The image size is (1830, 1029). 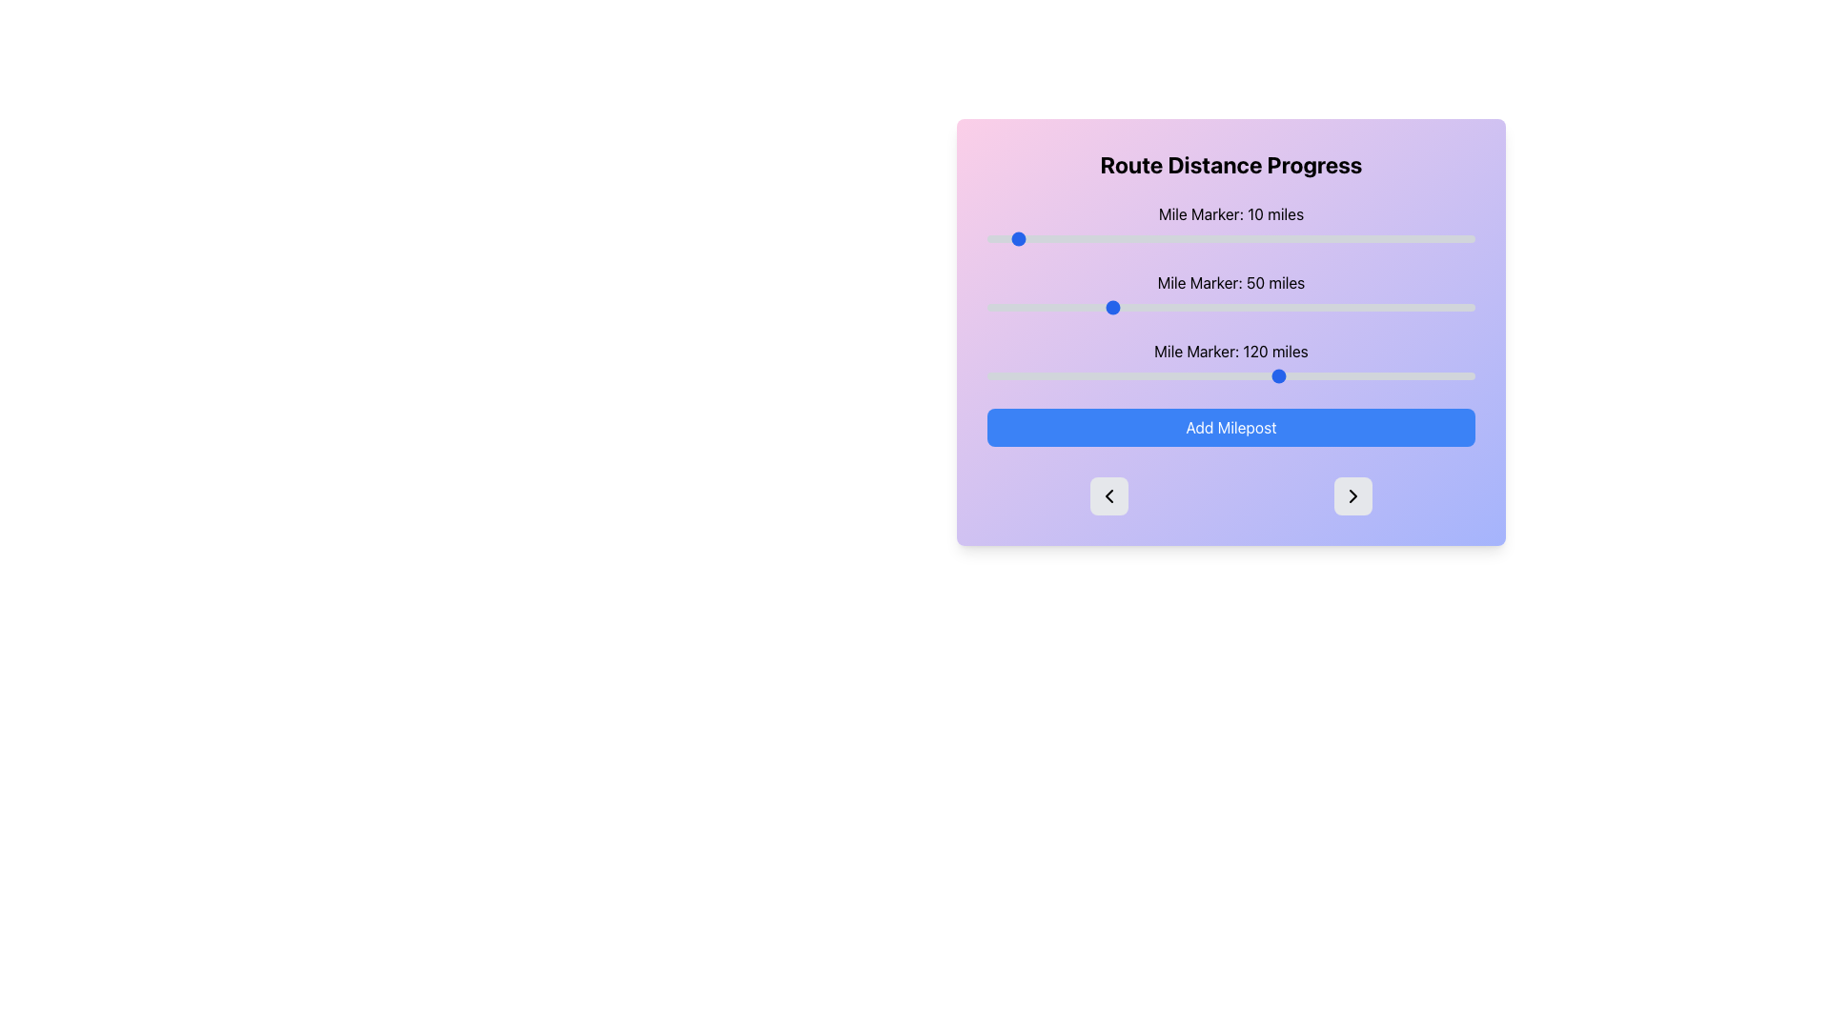 What do you see at coordinates (1230, 224) in the screenshot?
I see `the slider for 'Mile Marker: 10 miles'` at bounding box center [1230, 224].